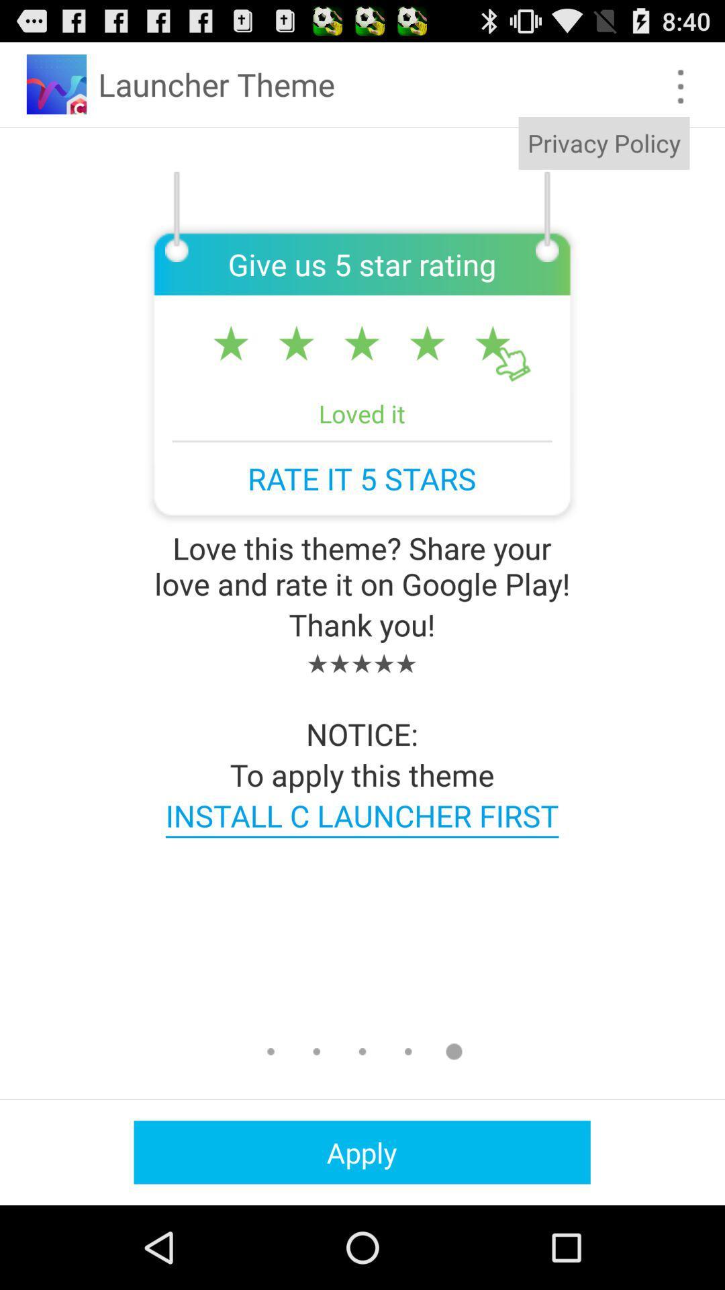  Describe the element at coordinates (603, 143) in the screenshot. I see `privacy policy app` at that location.